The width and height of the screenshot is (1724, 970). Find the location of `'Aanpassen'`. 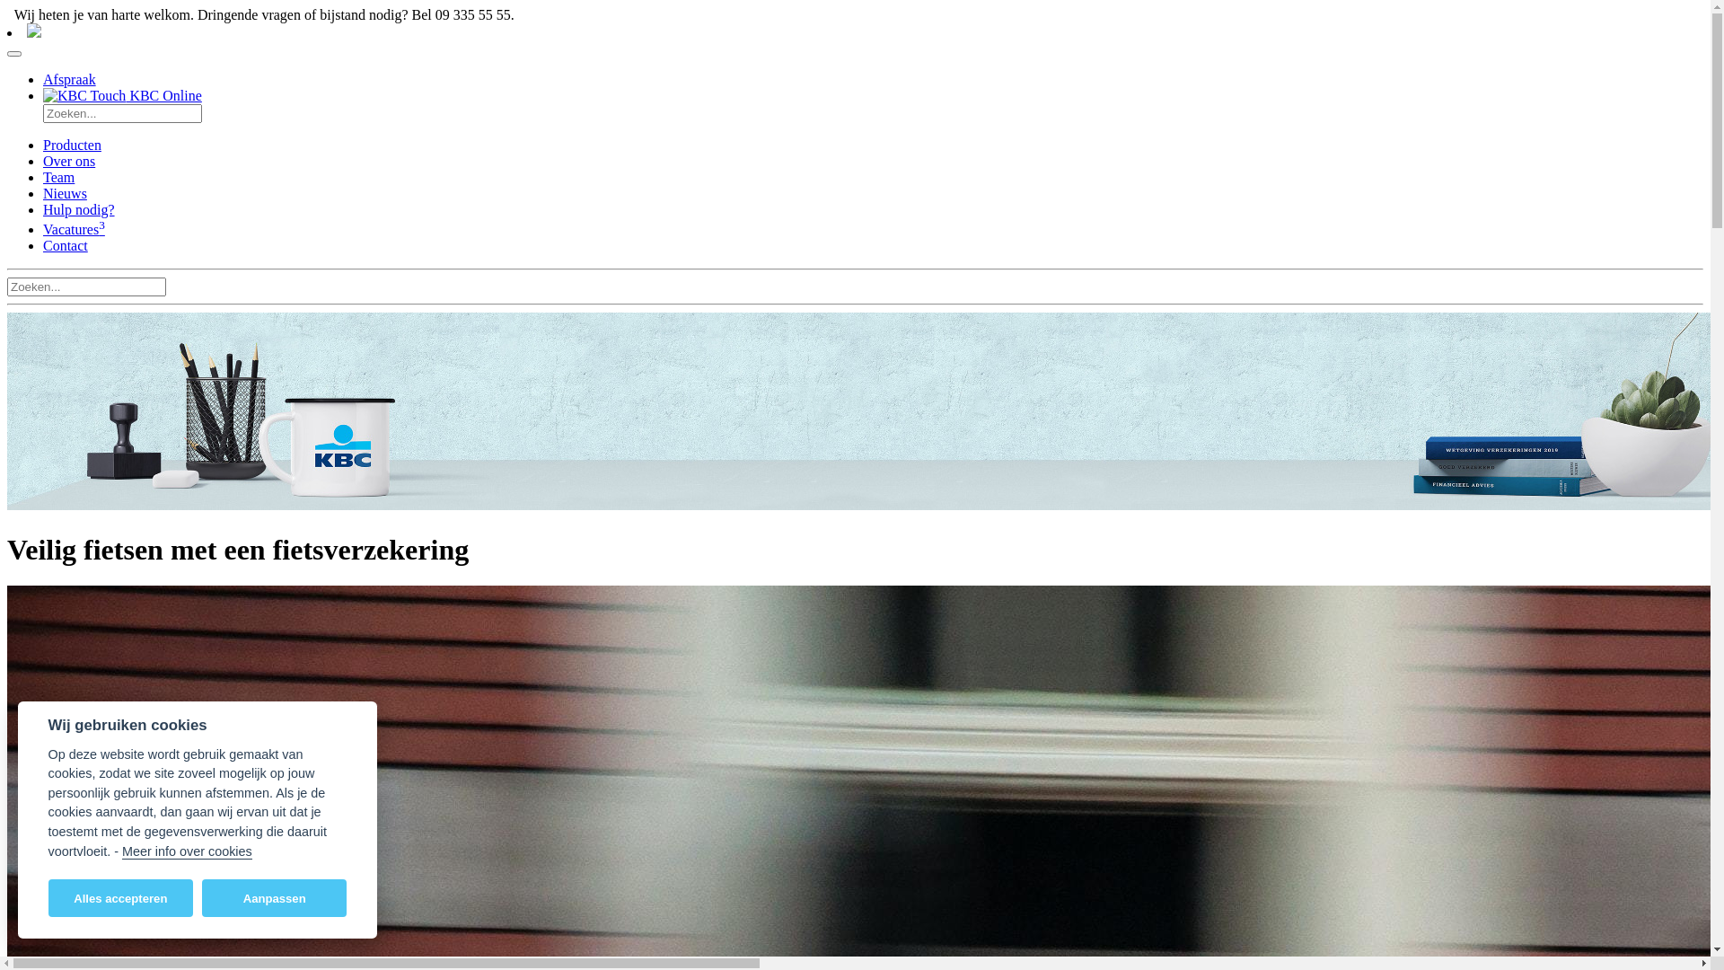

'Aanpassen' is located at coordinates (273, 897).